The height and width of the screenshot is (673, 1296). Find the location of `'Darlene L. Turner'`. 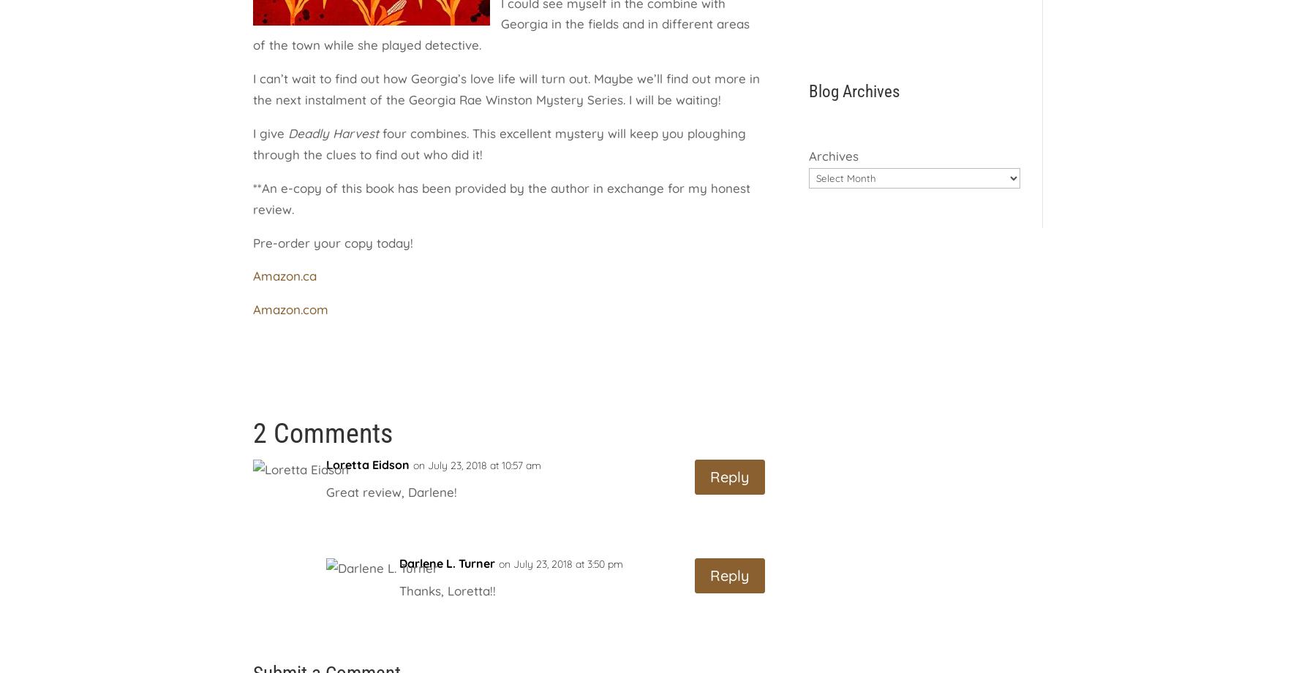

'Darlene L. Turner' is located at coordinates (447, 562).